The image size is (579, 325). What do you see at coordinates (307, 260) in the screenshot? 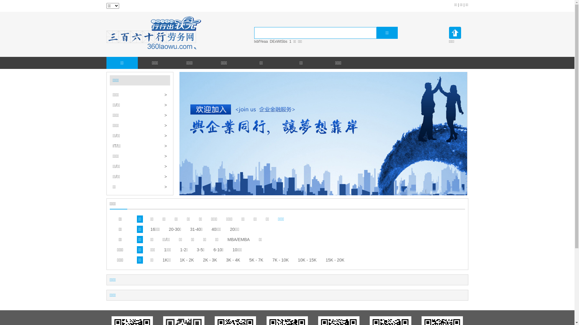
I see `'10K - 15K'` at bounding box center [307, 260].